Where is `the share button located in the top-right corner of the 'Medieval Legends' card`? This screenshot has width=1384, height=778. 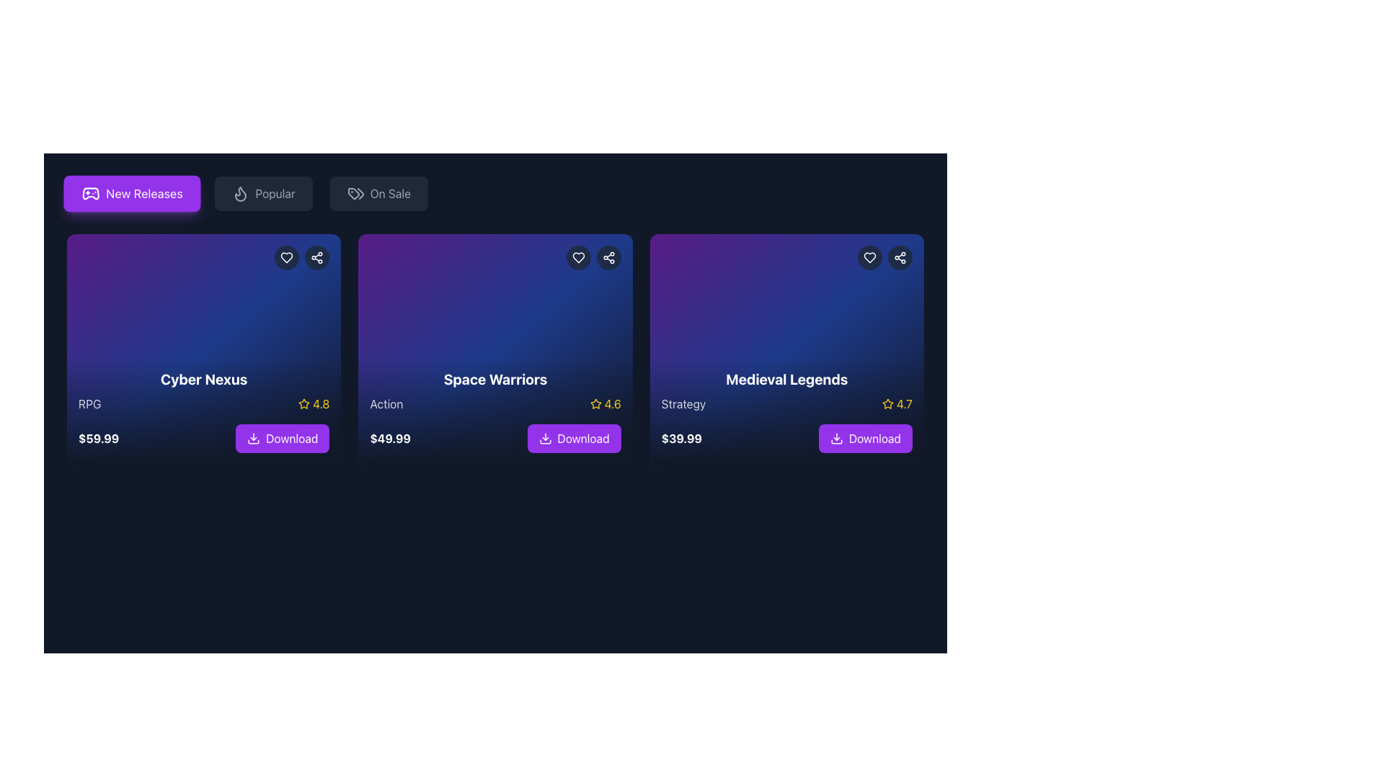 the share button located in the top-right corner of the 'Medieval Legends' card is located at coordinates (899, 257).